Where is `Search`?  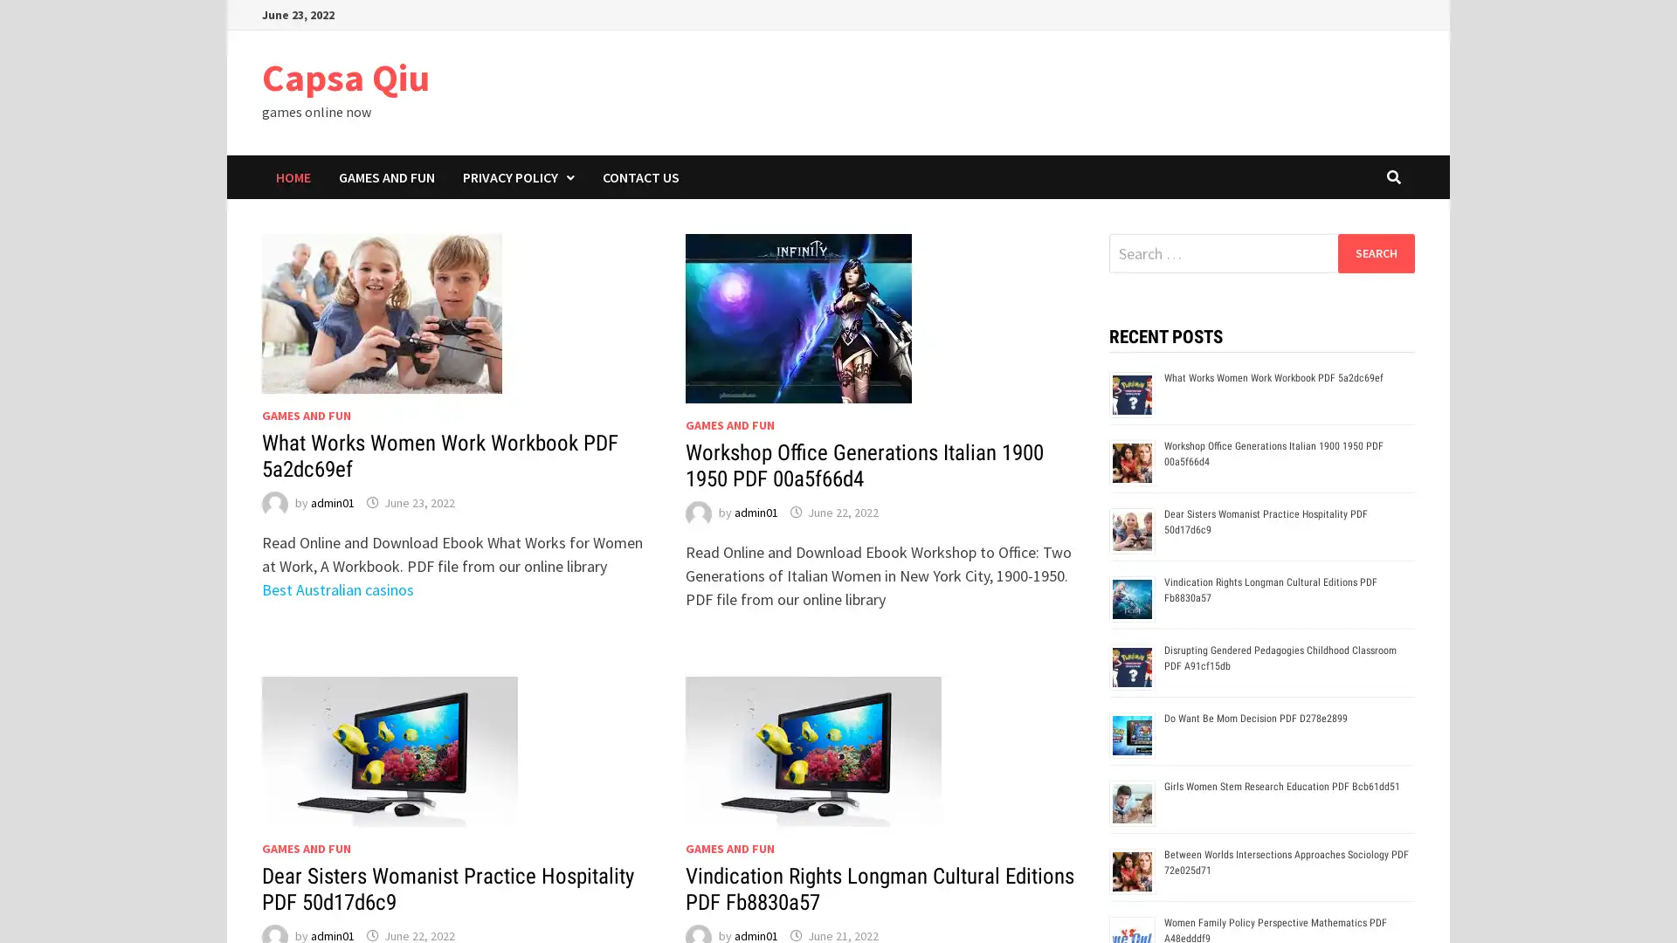 Search is located at coordinates (1375, 252).